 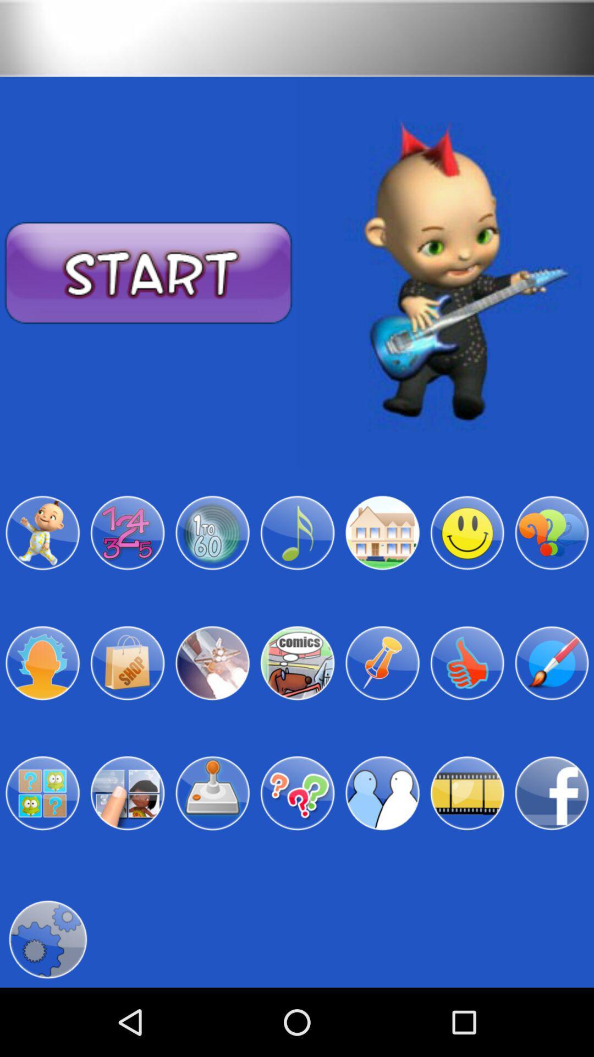 What do you see at coordinates (467, 533) in the screenshot?
I see `orange box flashing for selecting happy face` at bounding box center [467, 533].